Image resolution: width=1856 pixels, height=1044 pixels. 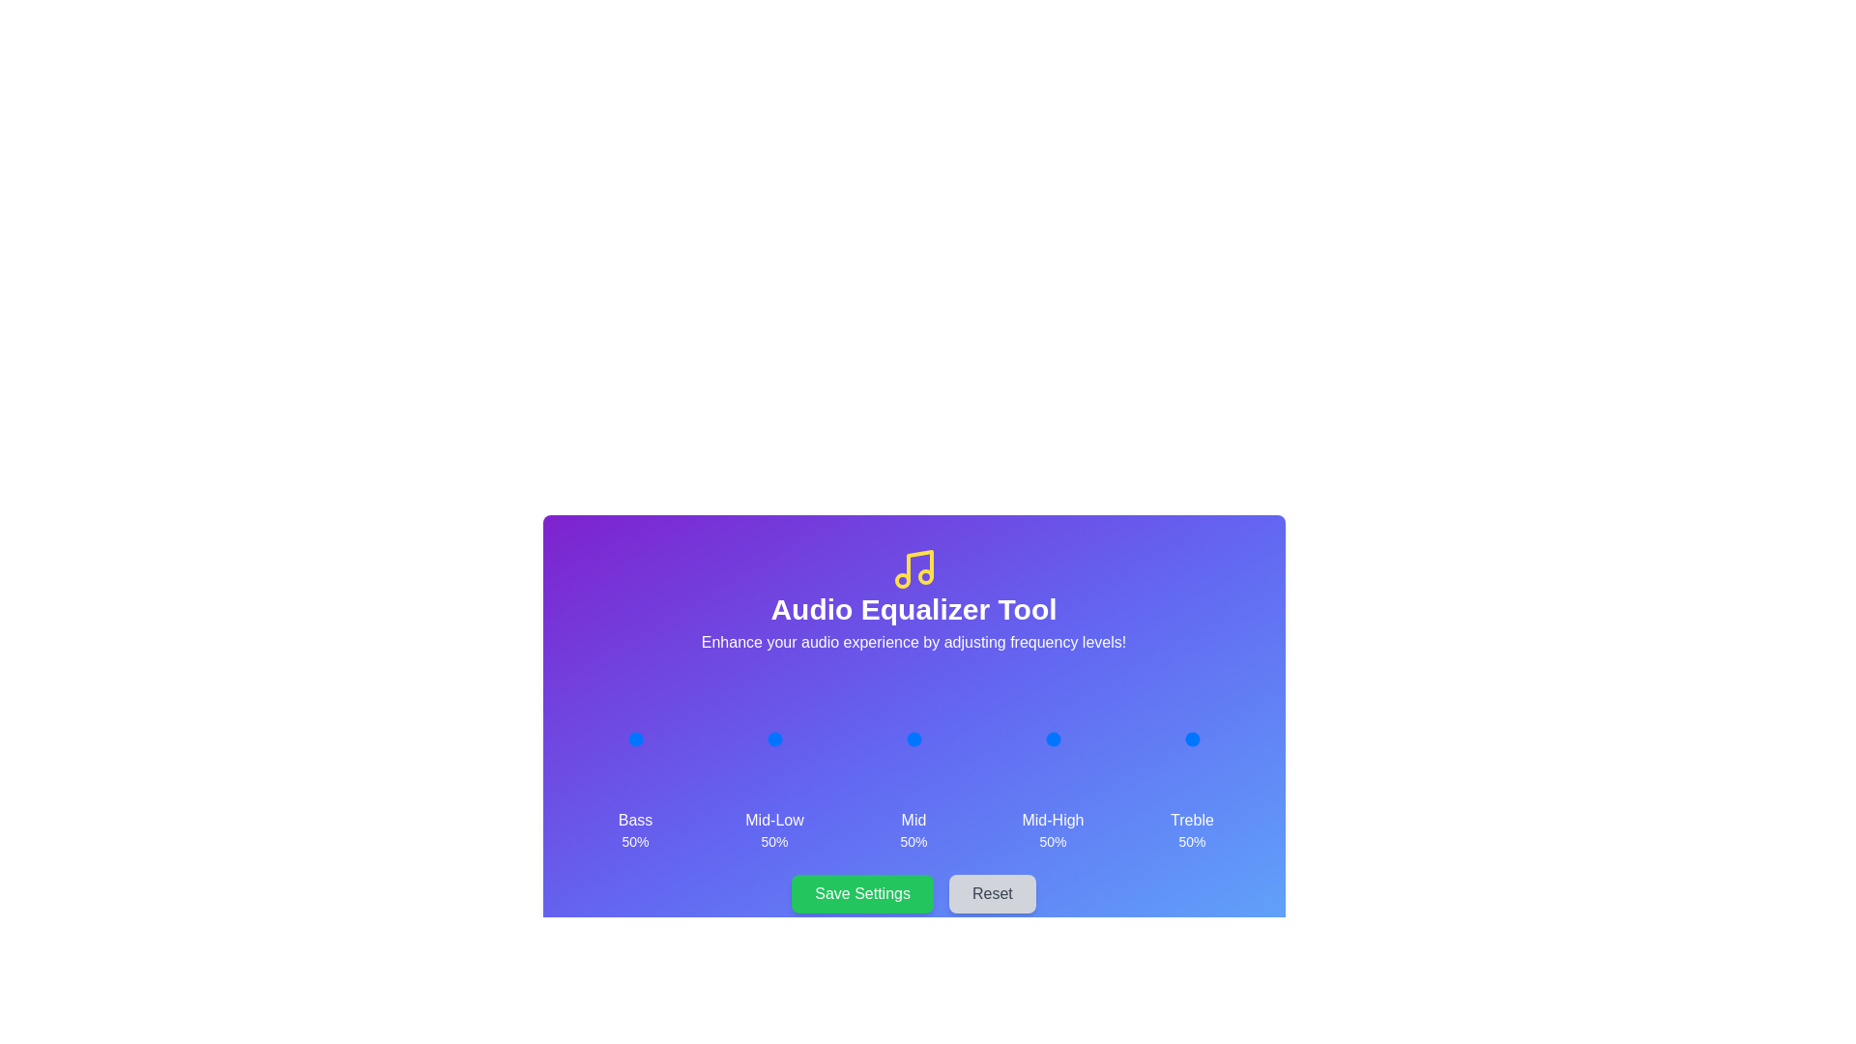 I want to click on the 3 slider to 46%, so click(x=1049, y=739).